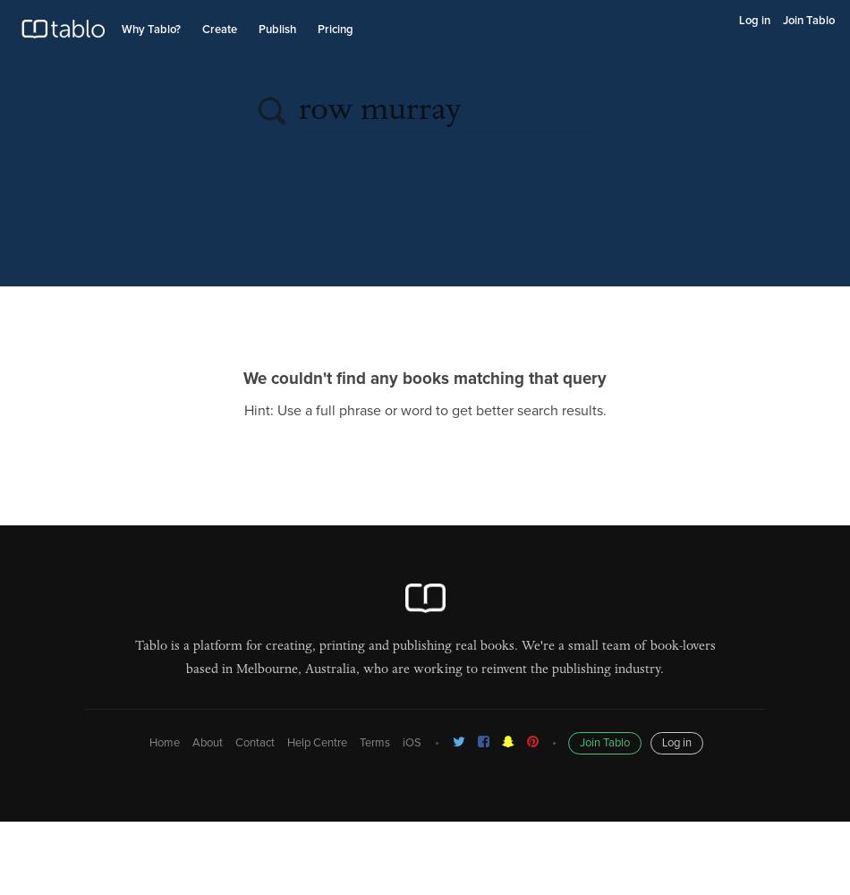 This screenshot has height=895, width=850. Describe the element at coordinates (410, 742) in the screenshot. I see `'iOS'` at that location.